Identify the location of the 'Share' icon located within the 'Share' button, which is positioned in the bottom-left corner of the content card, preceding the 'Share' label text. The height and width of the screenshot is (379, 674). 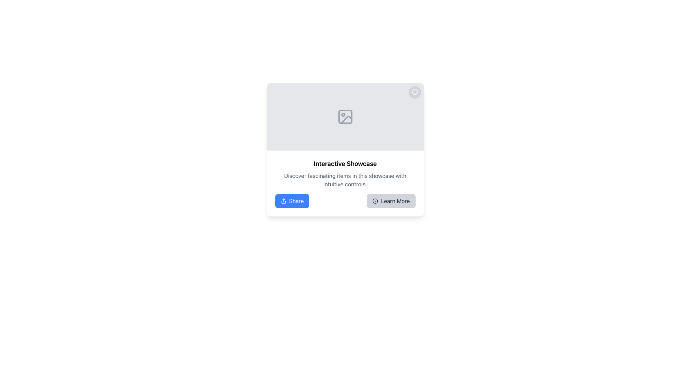
(283, 201).